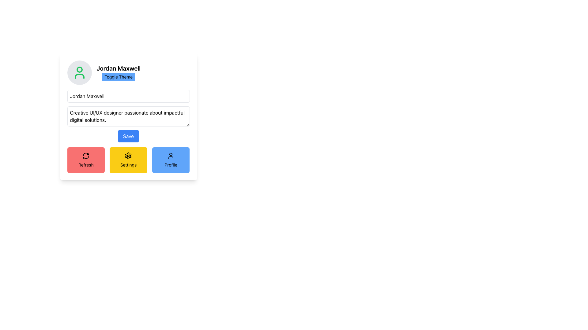  Describe the element at coordinates (171, 165) in the screenshot. I see `text information from the descriptive label that clarifies the purpose of the button to access the 'Profile' section, which is positioned at the bottom of the blue-rounded rectangular button` at that location.